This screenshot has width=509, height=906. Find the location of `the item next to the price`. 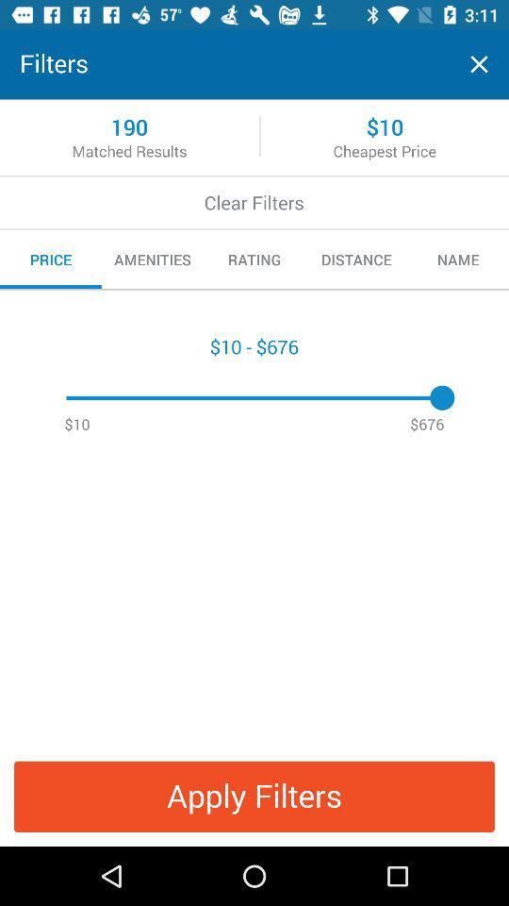

the item next to the price is located at coordinates (152, 259).